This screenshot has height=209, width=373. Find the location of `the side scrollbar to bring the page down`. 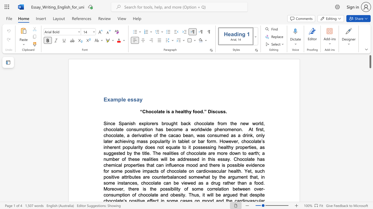

the side scrollbar to bring the page down is located at coordinates (370, 92).